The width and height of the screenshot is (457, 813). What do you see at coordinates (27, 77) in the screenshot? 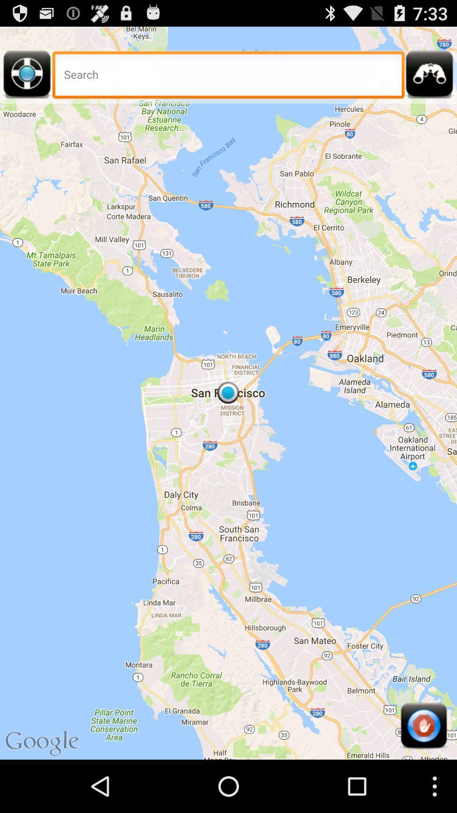
I see `the icon at the top left corner` at bounding box center [27, 77].